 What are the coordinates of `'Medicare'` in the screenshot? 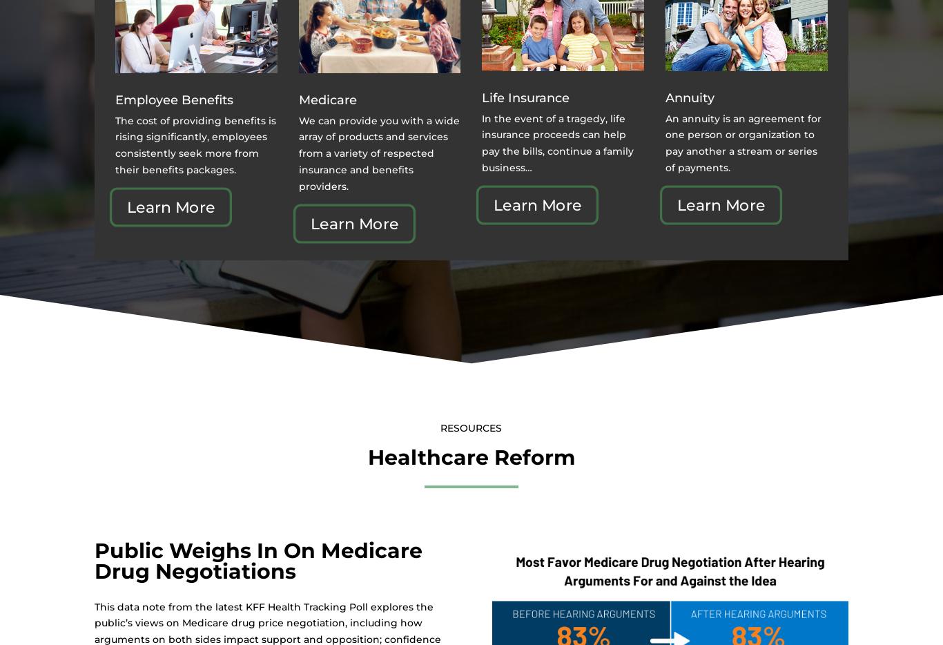 It's located at (298, 99).